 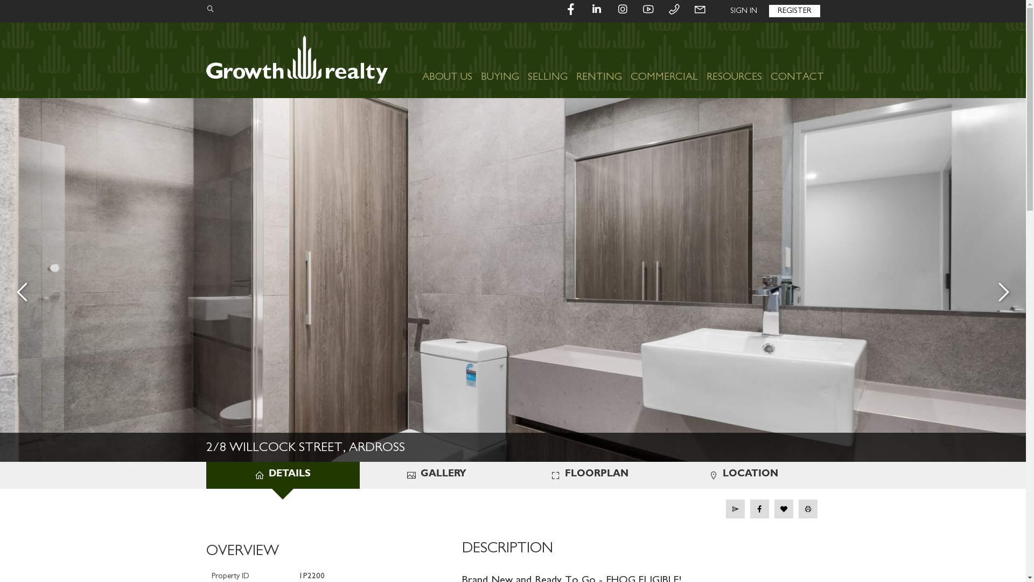 I want to click on 'SELLING', so click(x=548, y=60).